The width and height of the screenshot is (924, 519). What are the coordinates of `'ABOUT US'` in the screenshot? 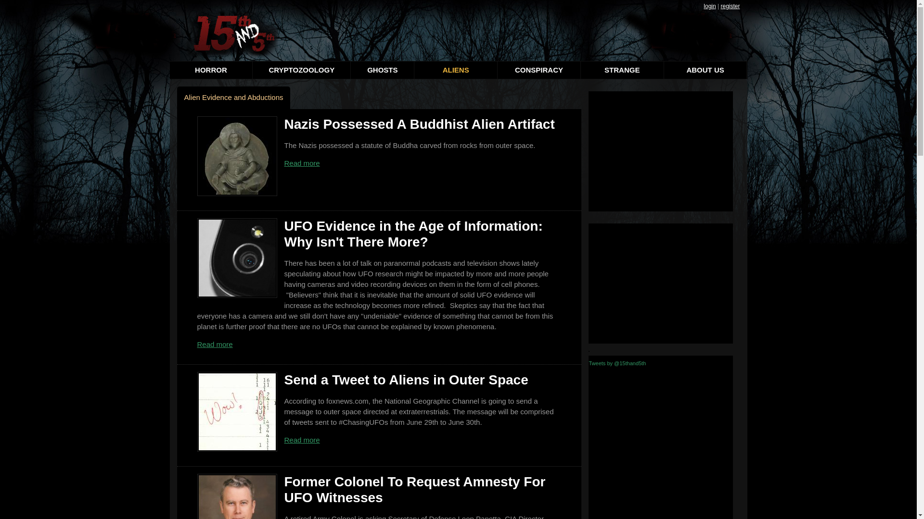 It's located at (706, 70).